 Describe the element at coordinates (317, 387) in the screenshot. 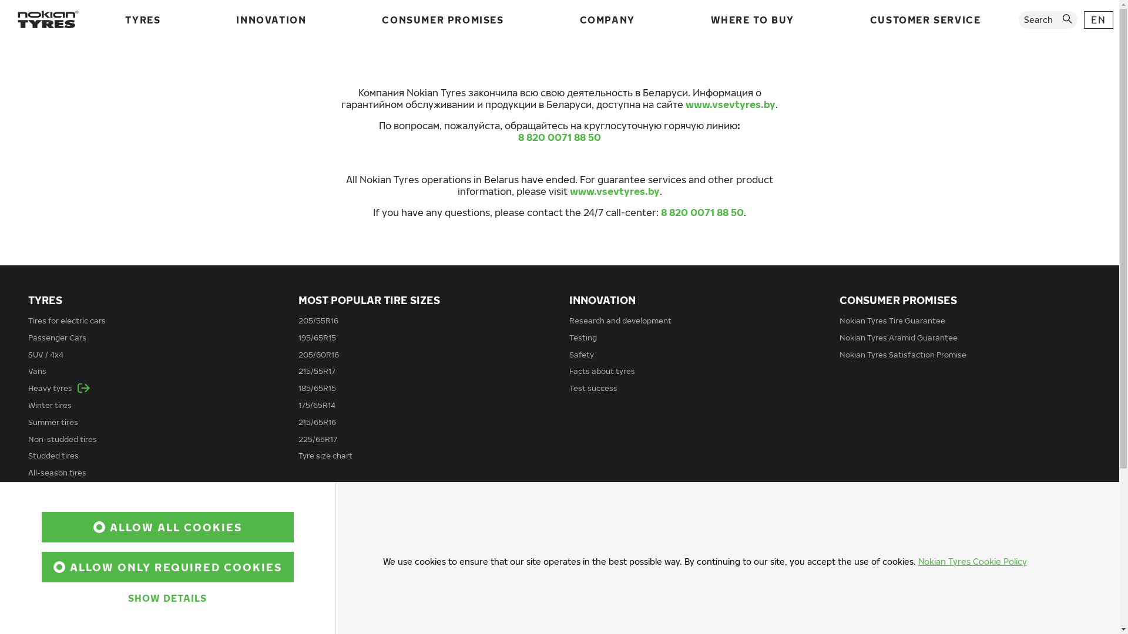

I see `'185/65R15'` at that location.